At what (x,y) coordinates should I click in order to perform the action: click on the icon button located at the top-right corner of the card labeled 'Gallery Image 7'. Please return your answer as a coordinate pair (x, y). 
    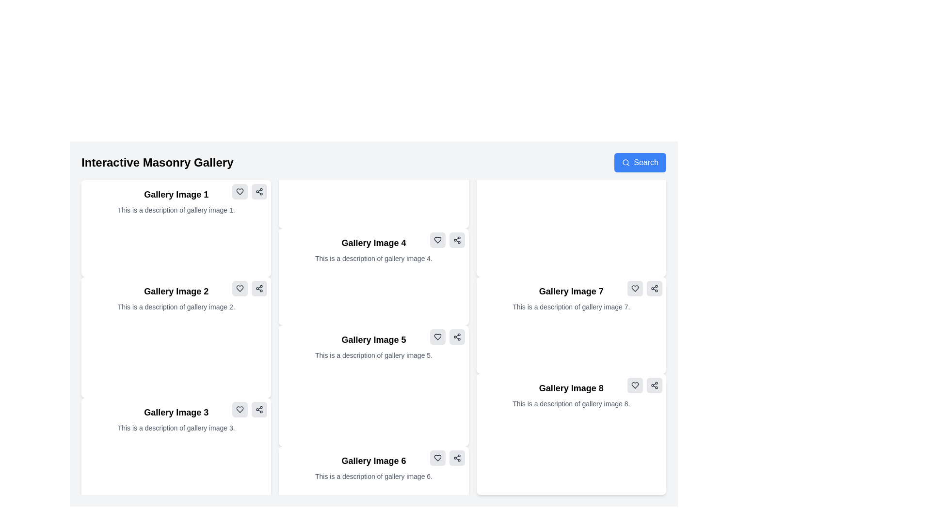
    Looking at the image, I should click on (635, 288).